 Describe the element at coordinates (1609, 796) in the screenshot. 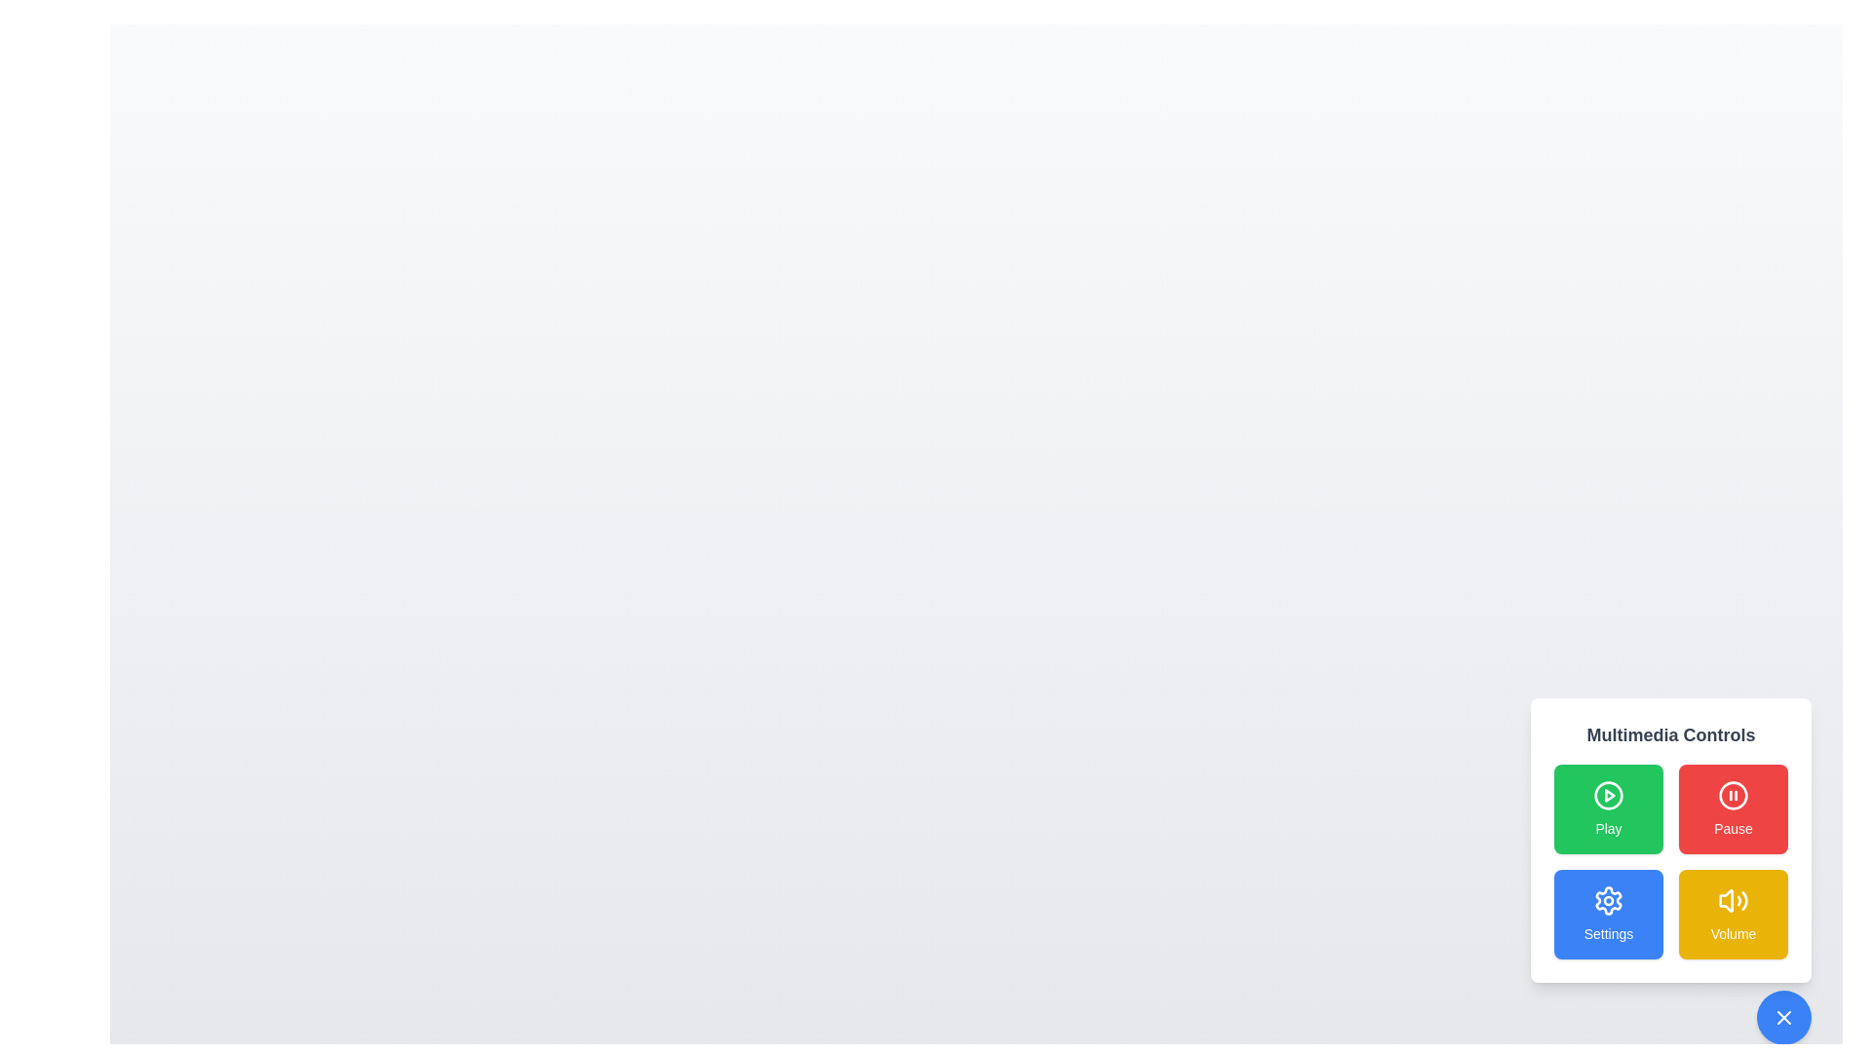

I see `the circular graphical element that forms the outer ring of the play icon in the green 'Play' button located in the top-left corner of the 'Multimedia Controls' panel` at that location.